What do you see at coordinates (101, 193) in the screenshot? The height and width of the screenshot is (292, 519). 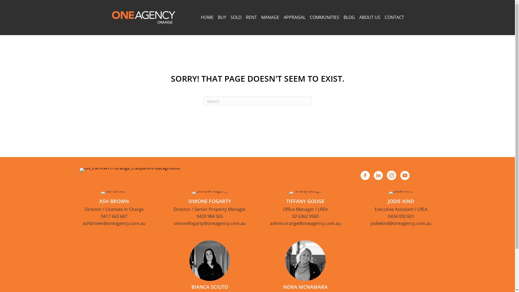 I see `'ash-brown'` at bounding box center [101, 193].